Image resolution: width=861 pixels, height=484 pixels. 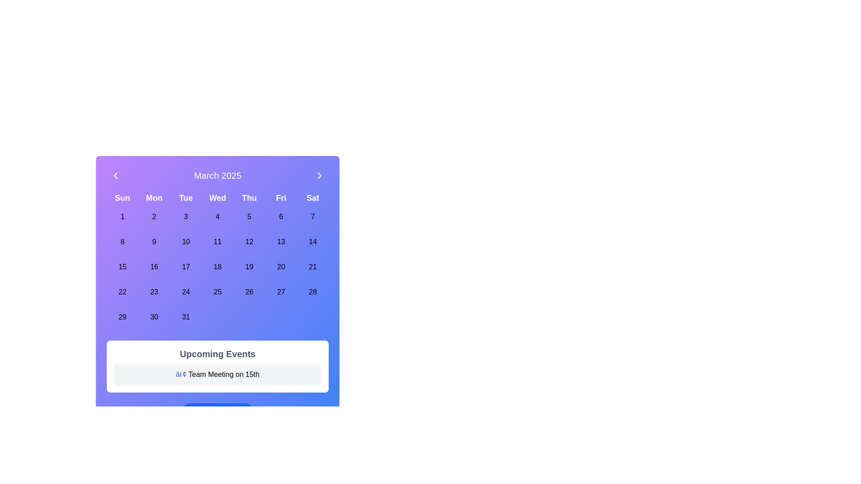 What do you see at coordinates (217, 261) in the screenshot?
I see `calendar dates displayed in the grid structure under the 'March 2025' header` at bounding box center [217, 261].